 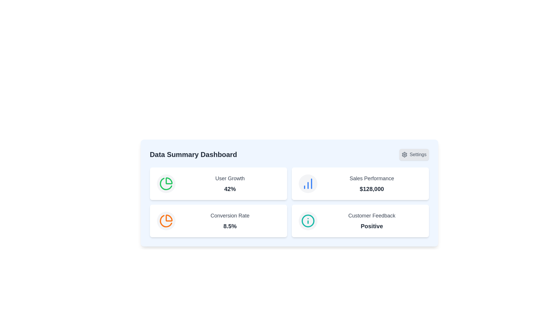 I want to click on the outermost circular component of the 'info' icon, which has a light teal outline and is located in the lower-right segment of the dashboard interface next to 'Customer Feedback' and 'Positive', so click(x=307, y=221).